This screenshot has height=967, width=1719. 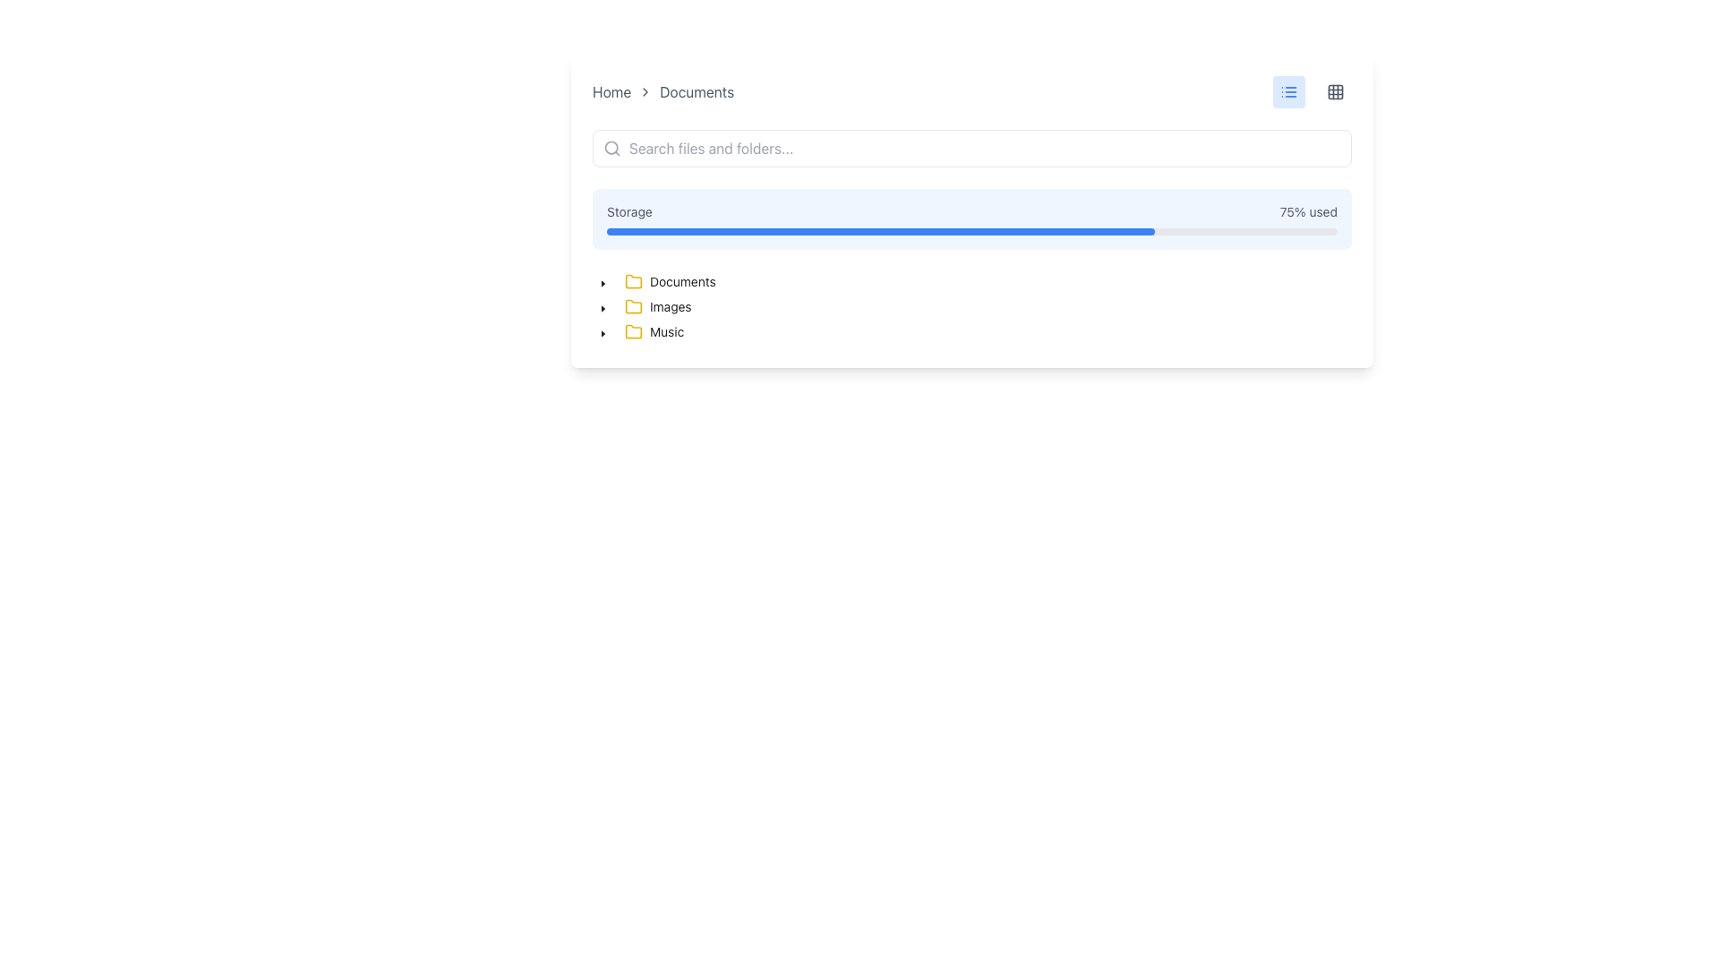 I want to click on the interactive caret-down toggle icon next to the 'Music' folder, so click(x=603, y=334).